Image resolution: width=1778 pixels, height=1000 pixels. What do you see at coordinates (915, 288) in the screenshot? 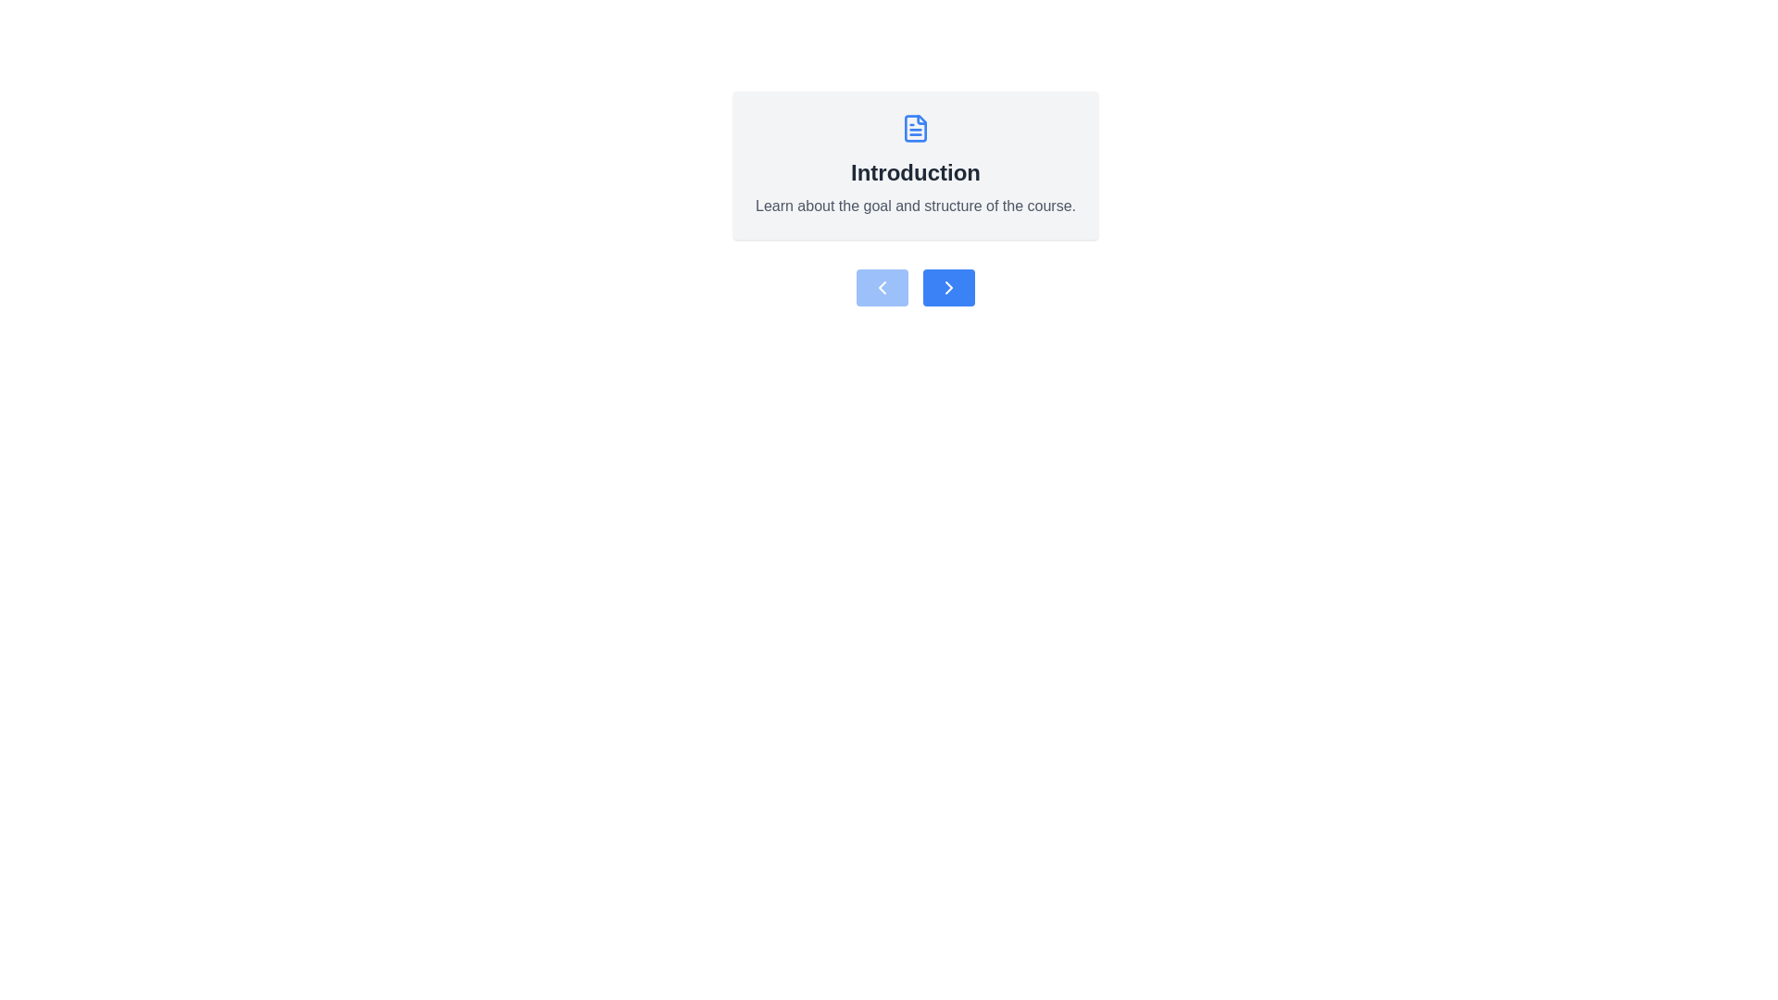
I see `the navigation control pair located below the 'Introduction' section` at bounding box center [915, 288].